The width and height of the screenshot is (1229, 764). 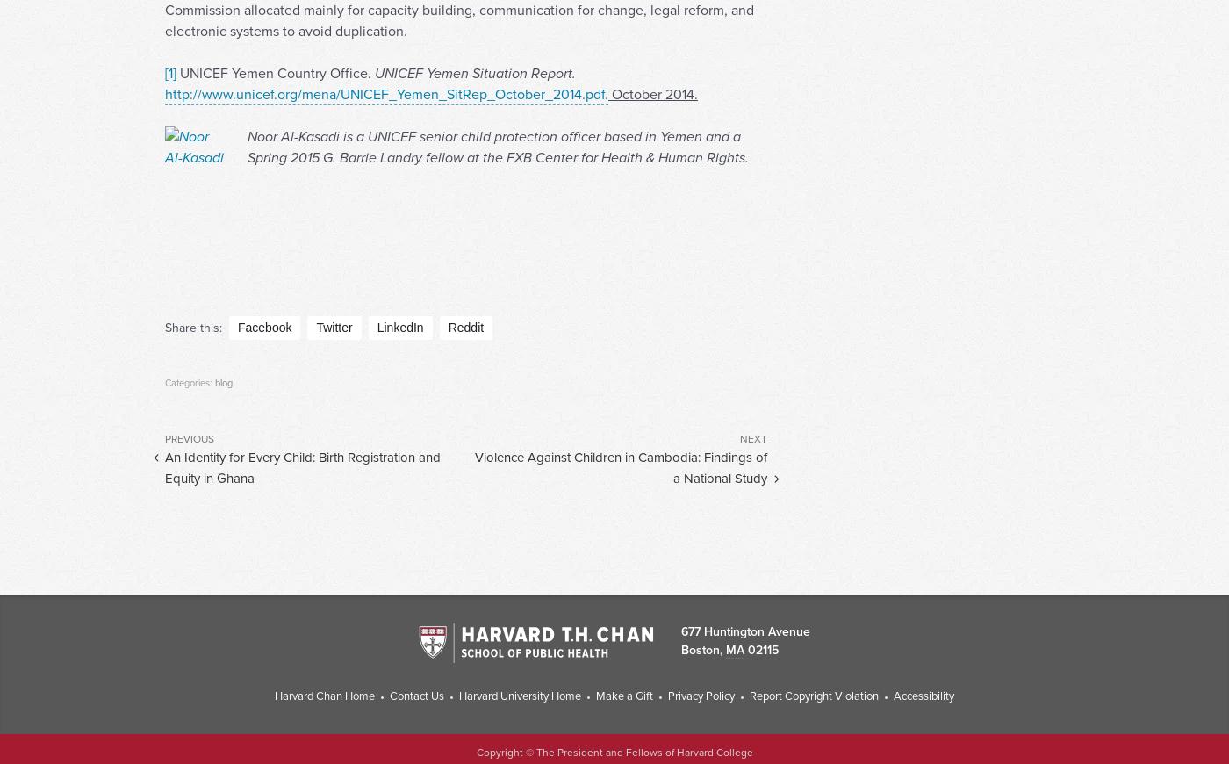 I want to click on 'UNICEF Yemen Situation Report.', so click(x=475, y=105).